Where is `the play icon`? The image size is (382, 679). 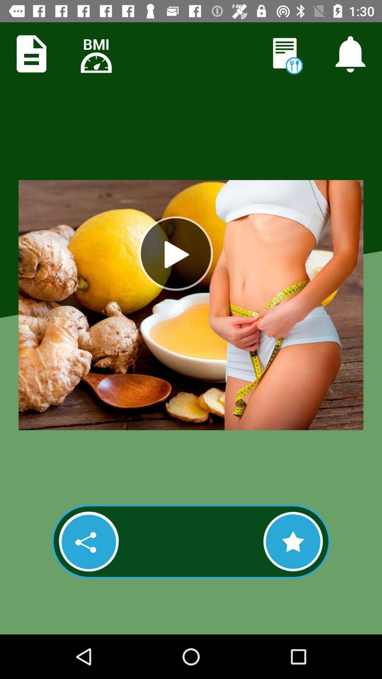
the play icon is located at coordinates (175, 253).